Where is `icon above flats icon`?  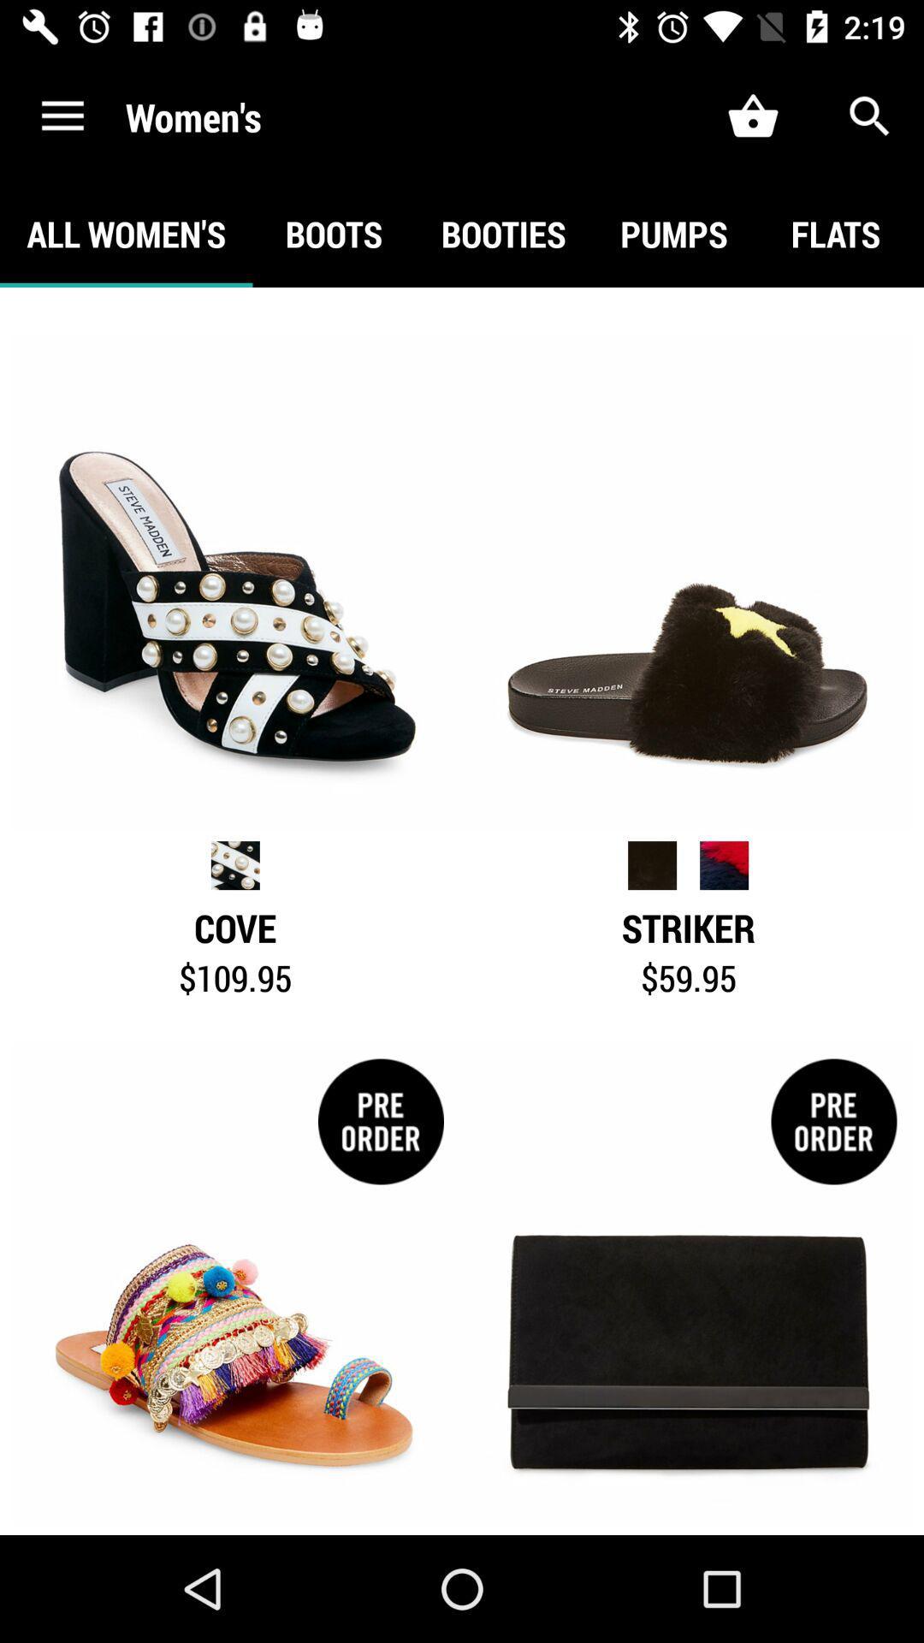 icon above flats icon is located at coordinates (870, 116).